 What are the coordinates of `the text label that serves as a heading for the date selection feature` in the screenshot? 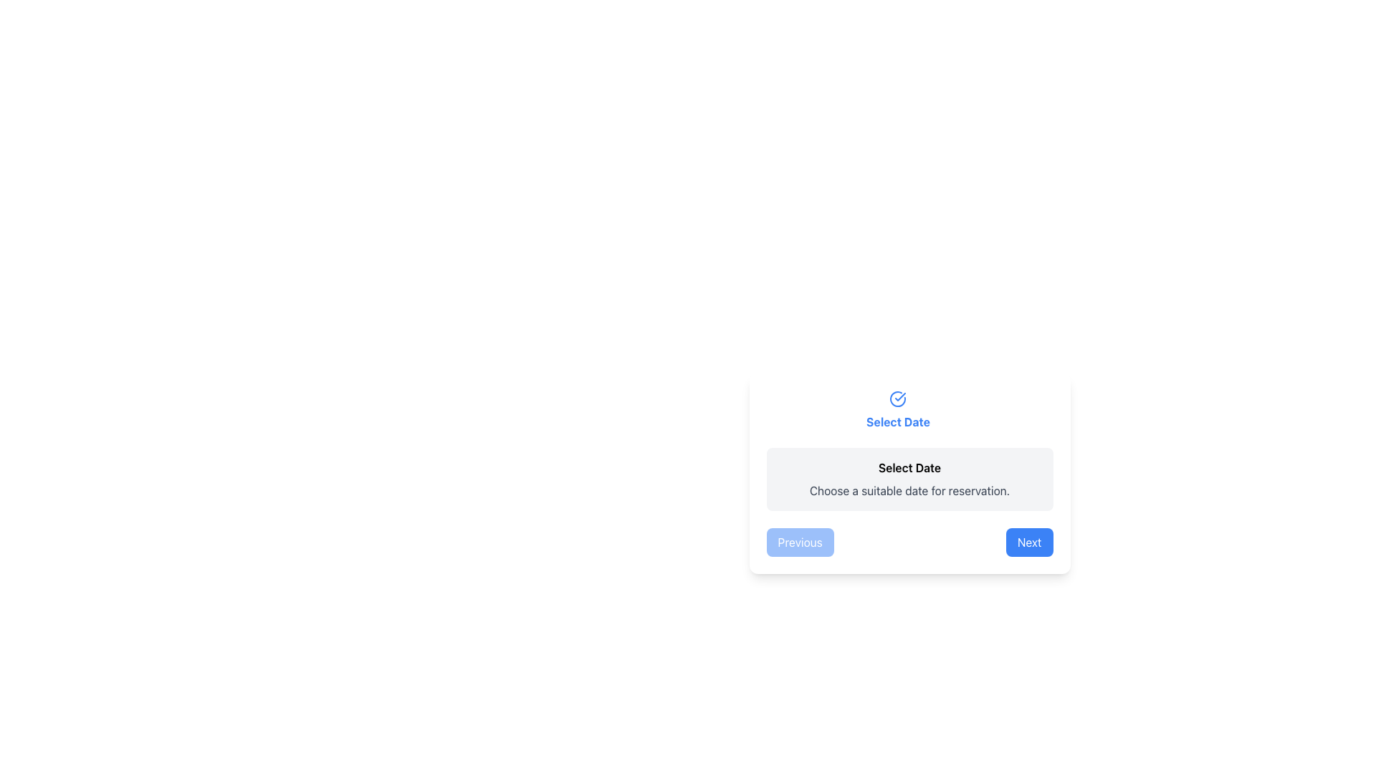 It's located at (897, 411).